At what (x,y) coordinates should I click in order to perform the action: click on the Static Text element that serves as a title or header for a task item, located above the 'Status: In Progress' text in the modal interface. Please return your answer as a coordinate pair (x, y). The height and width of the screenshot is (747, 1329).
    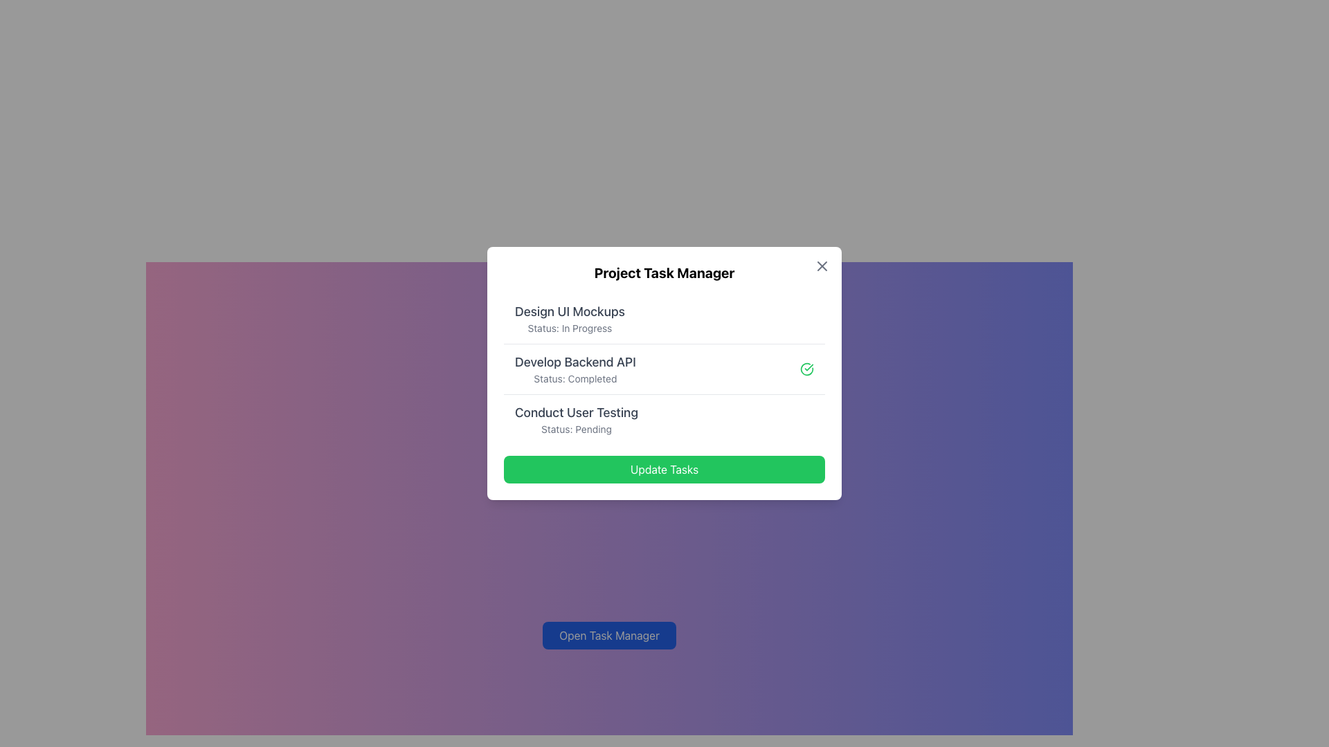
    Looking at the image, I should click on (570, 312).